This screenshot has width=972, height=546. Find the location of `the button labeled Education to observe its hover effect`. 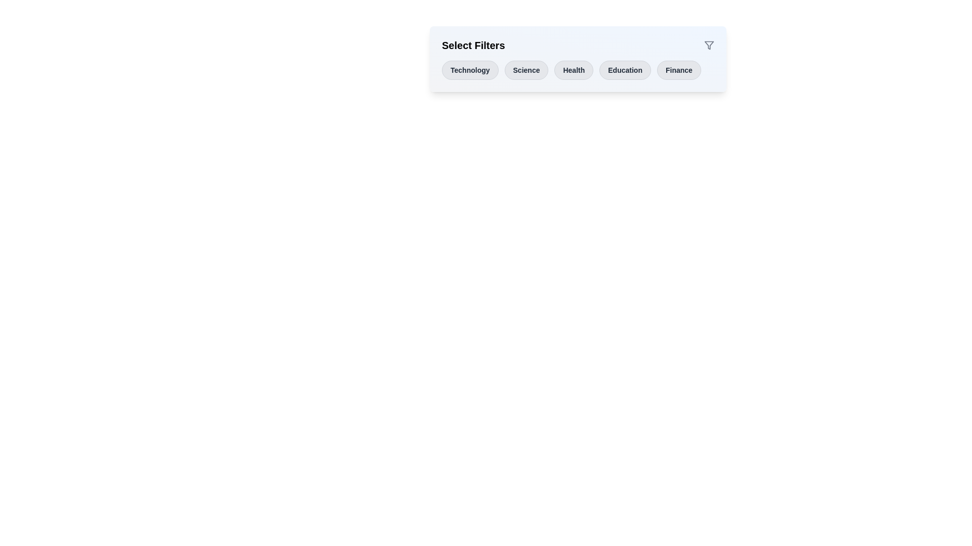

the button labeled Education to observe its hover effect is located at coordinates (625, 69).